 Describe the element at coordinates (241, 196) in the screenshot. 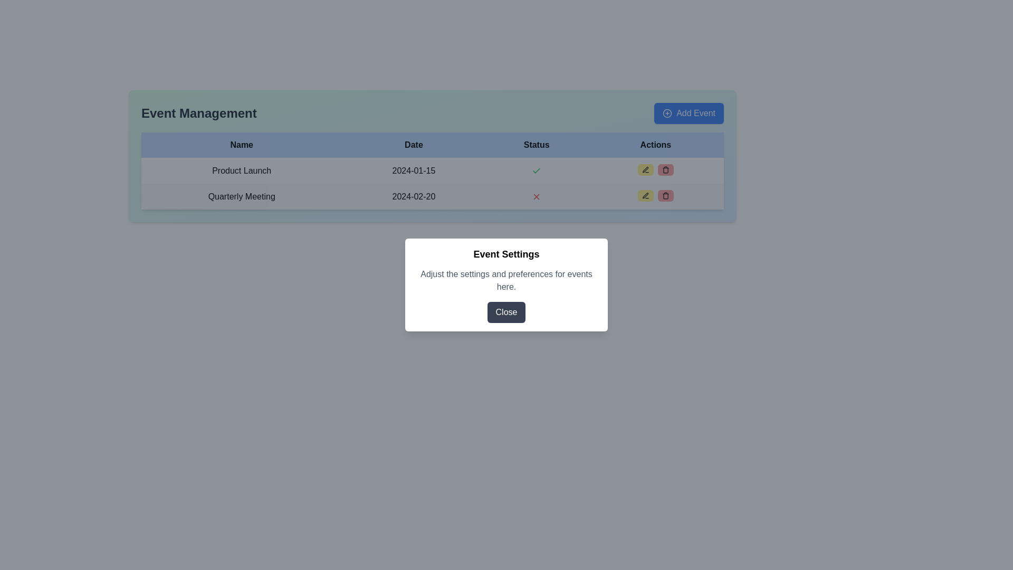

I see `the text of the event name displayed in the first column of the second row of the table` at that location.